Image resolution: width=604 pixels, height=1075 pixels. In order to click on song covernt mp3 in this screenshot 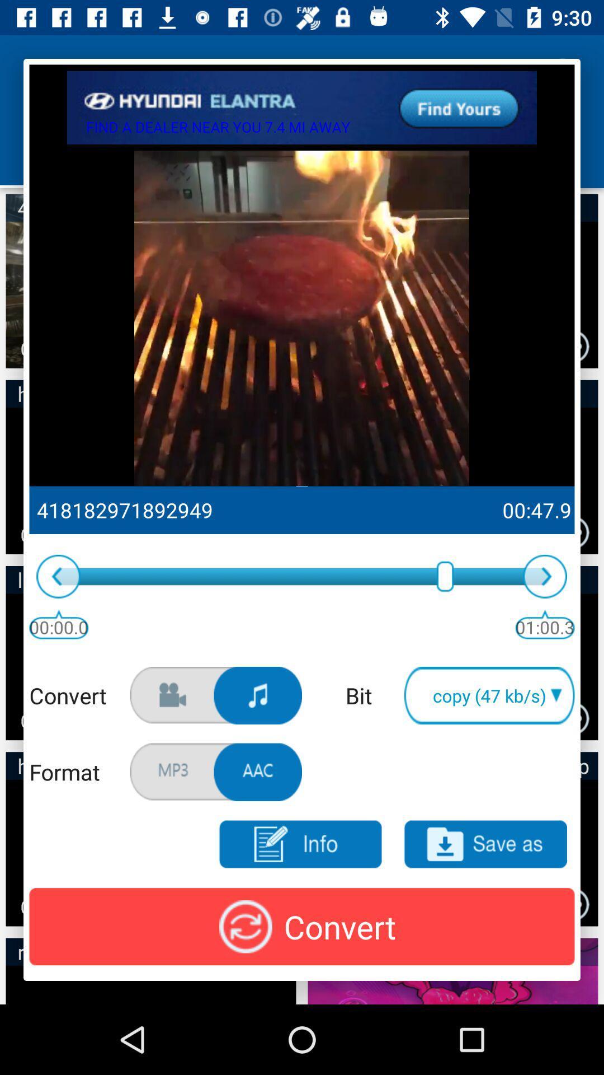, I will do `click(258, 695)`.